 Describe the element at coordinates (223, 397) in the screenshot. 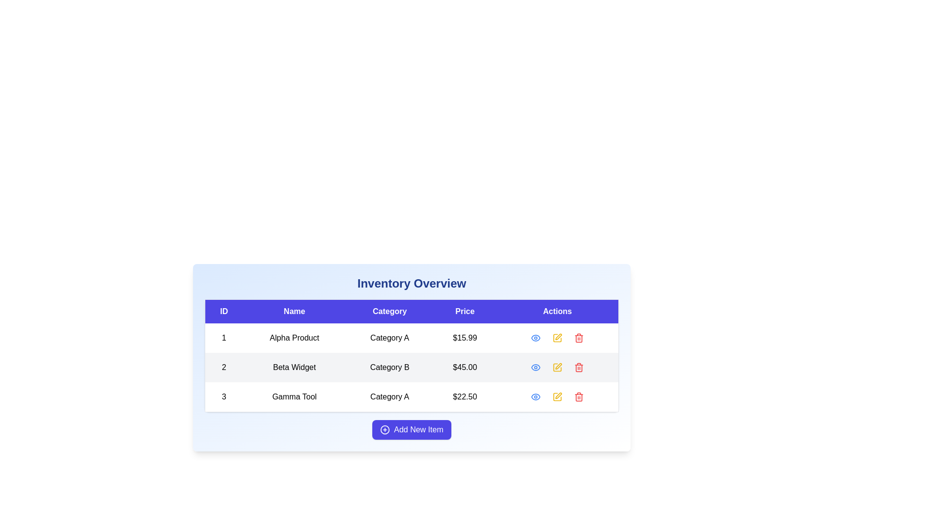

I see `the content of the text displaying the number '3' in the ID column of the row labeled 'Gamma Tool' within the table` at that location.